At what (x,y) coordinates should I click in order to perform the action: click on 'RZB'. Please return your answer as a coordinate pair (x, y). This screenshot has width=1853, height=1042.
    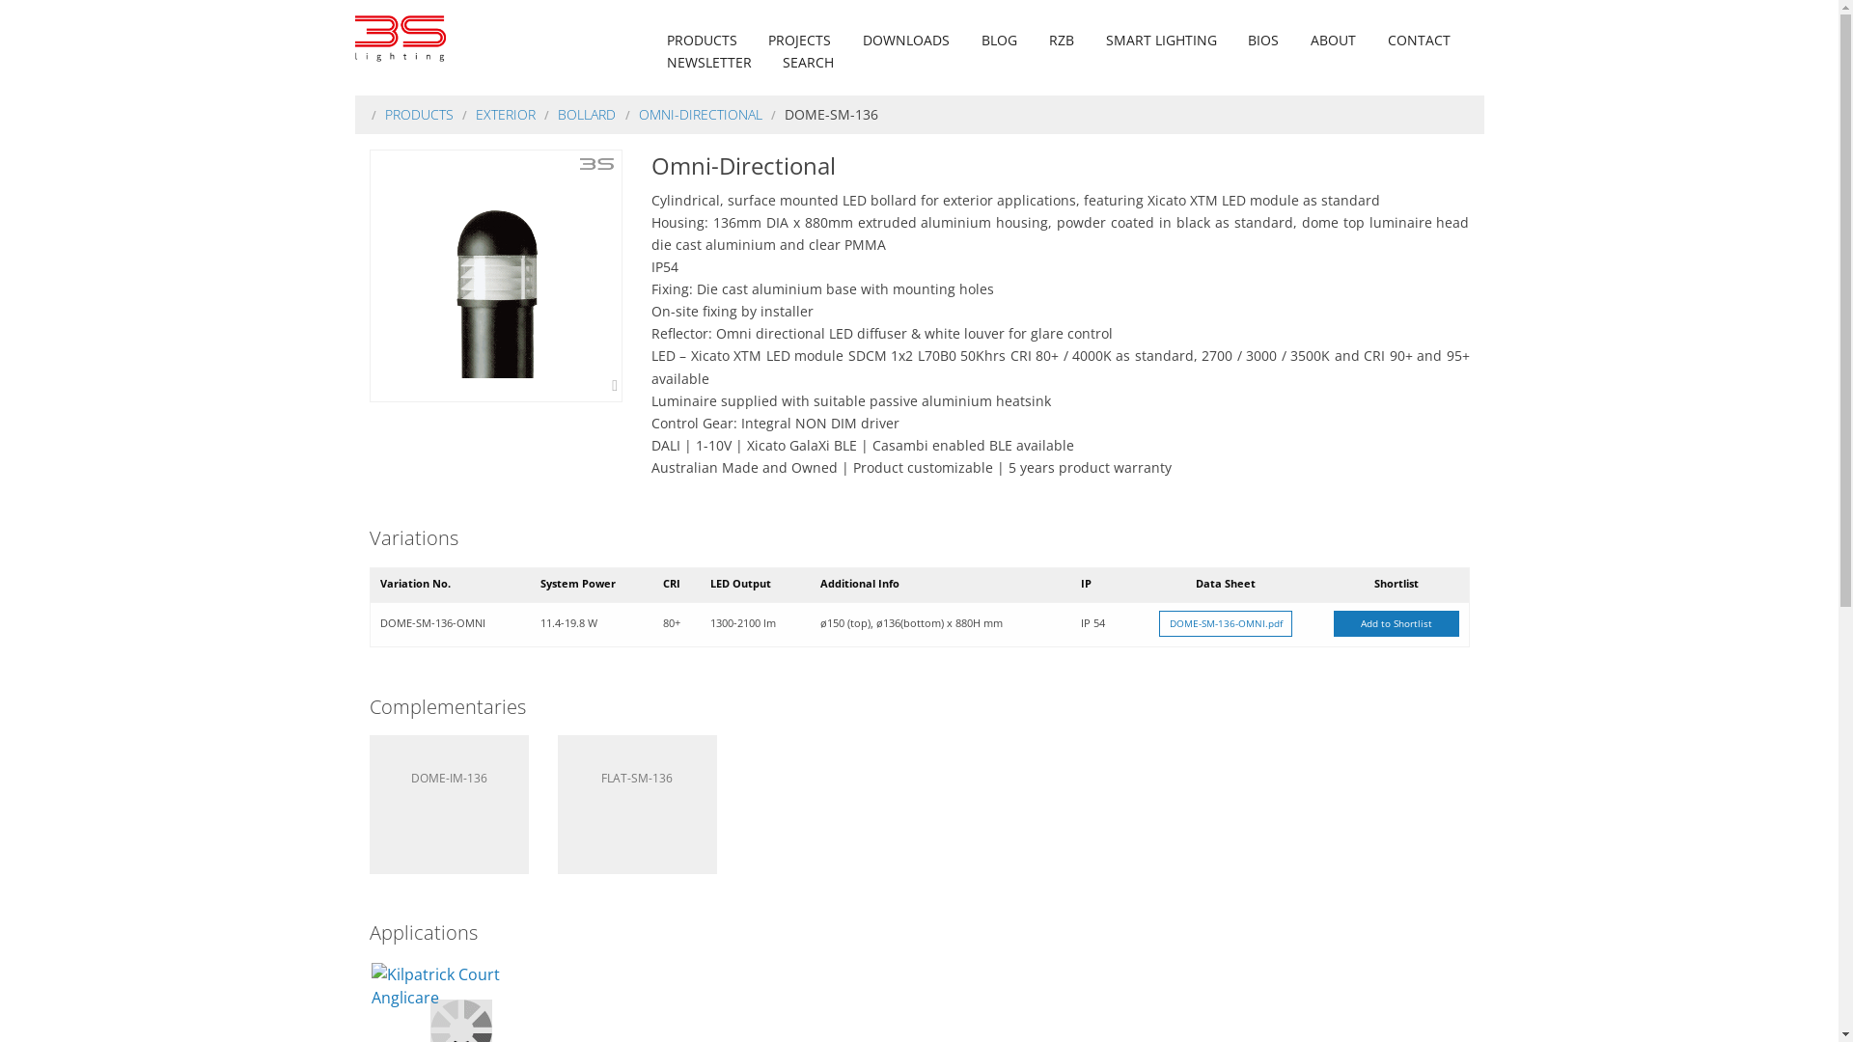
    Looking at the image, I should click on (1041, 40).